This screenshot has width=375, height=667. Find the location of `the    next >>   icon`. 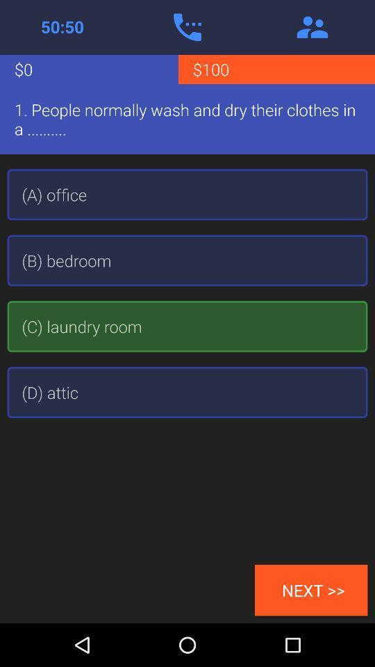

the    next >>   icon is located at coordinates (311, 589).